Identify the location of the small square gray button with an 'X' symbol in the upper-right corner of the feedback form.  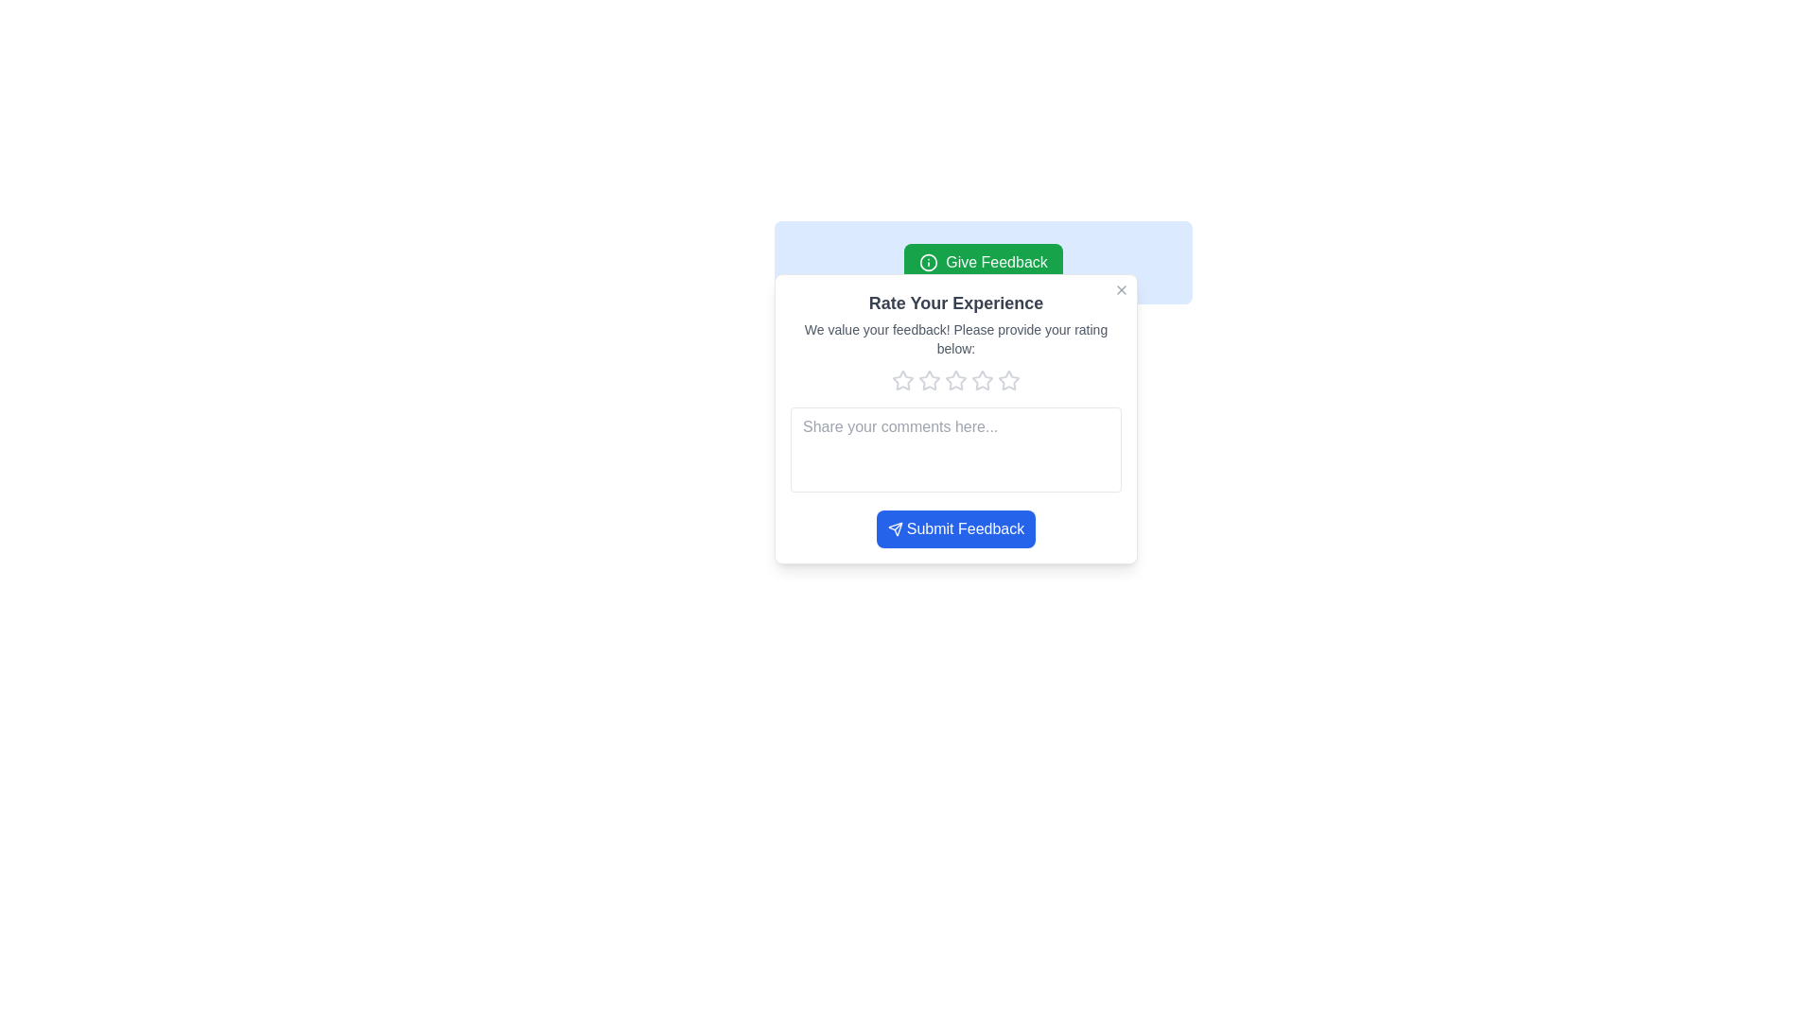
(1121, 290).